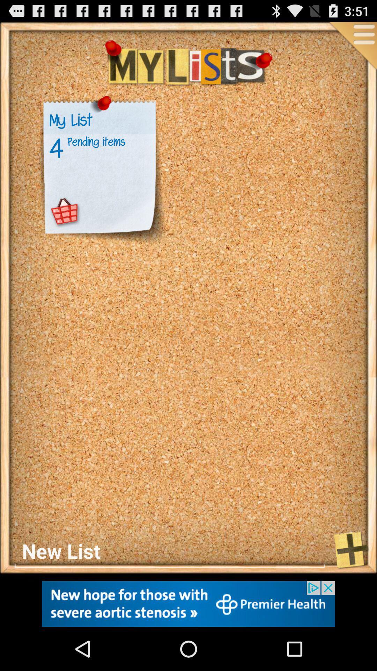 The height and width of the screenshot is (671, 377). What do you see at coordinates (65, 212) in the screenshot?
I see `red and white tote bag` at bounding box center [65, 212].